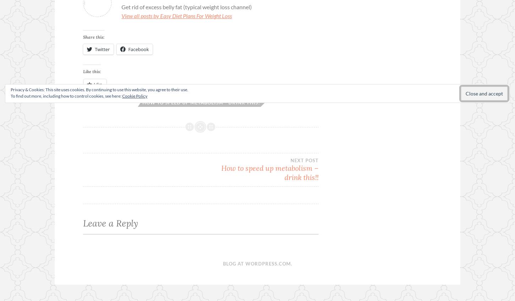 The image size is (515, 301). I want to click on 'To find out more, including how to control cookies, see here:', so click(66, 96).